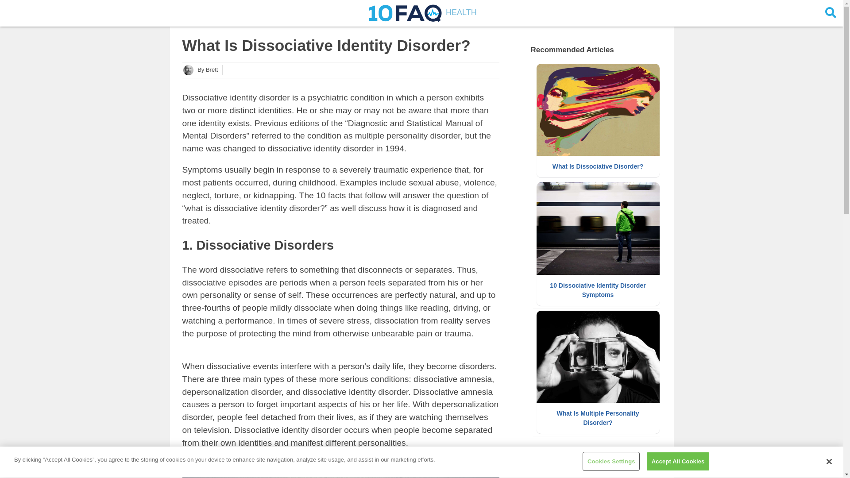 The image size is (850, 478). Describe the element at coordinates (421, 12) in the screenshot. I see `'HEALTH'` at that location.